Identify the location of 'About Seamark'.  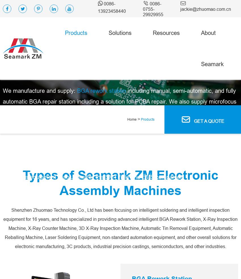
(212, 48).